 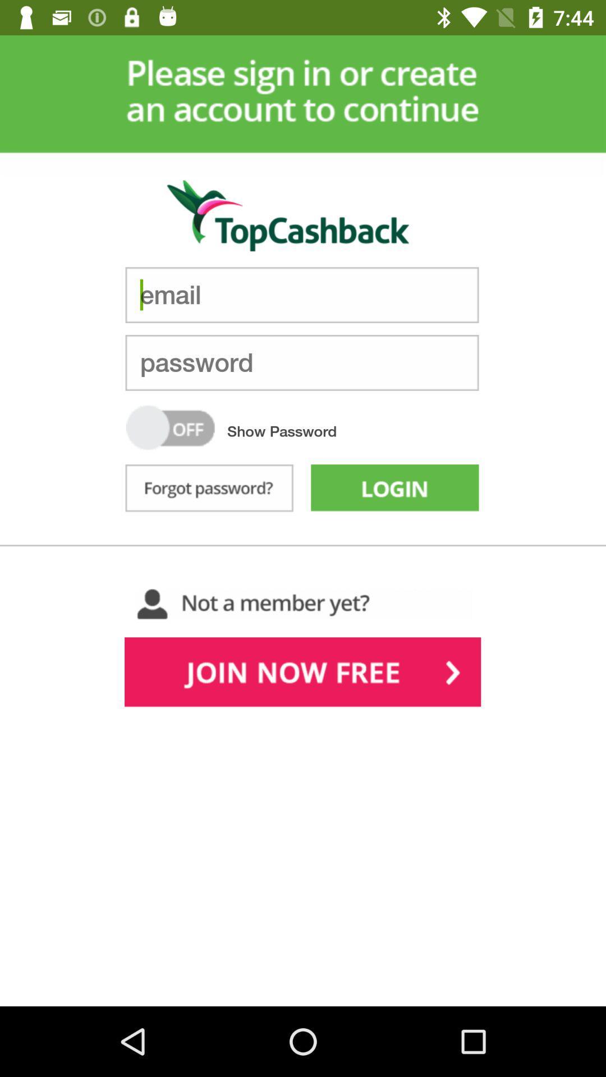 What do you see at coordinates (170, 427) in the screenshot?
I see `switchoff option` at bounding box center [170, 427].